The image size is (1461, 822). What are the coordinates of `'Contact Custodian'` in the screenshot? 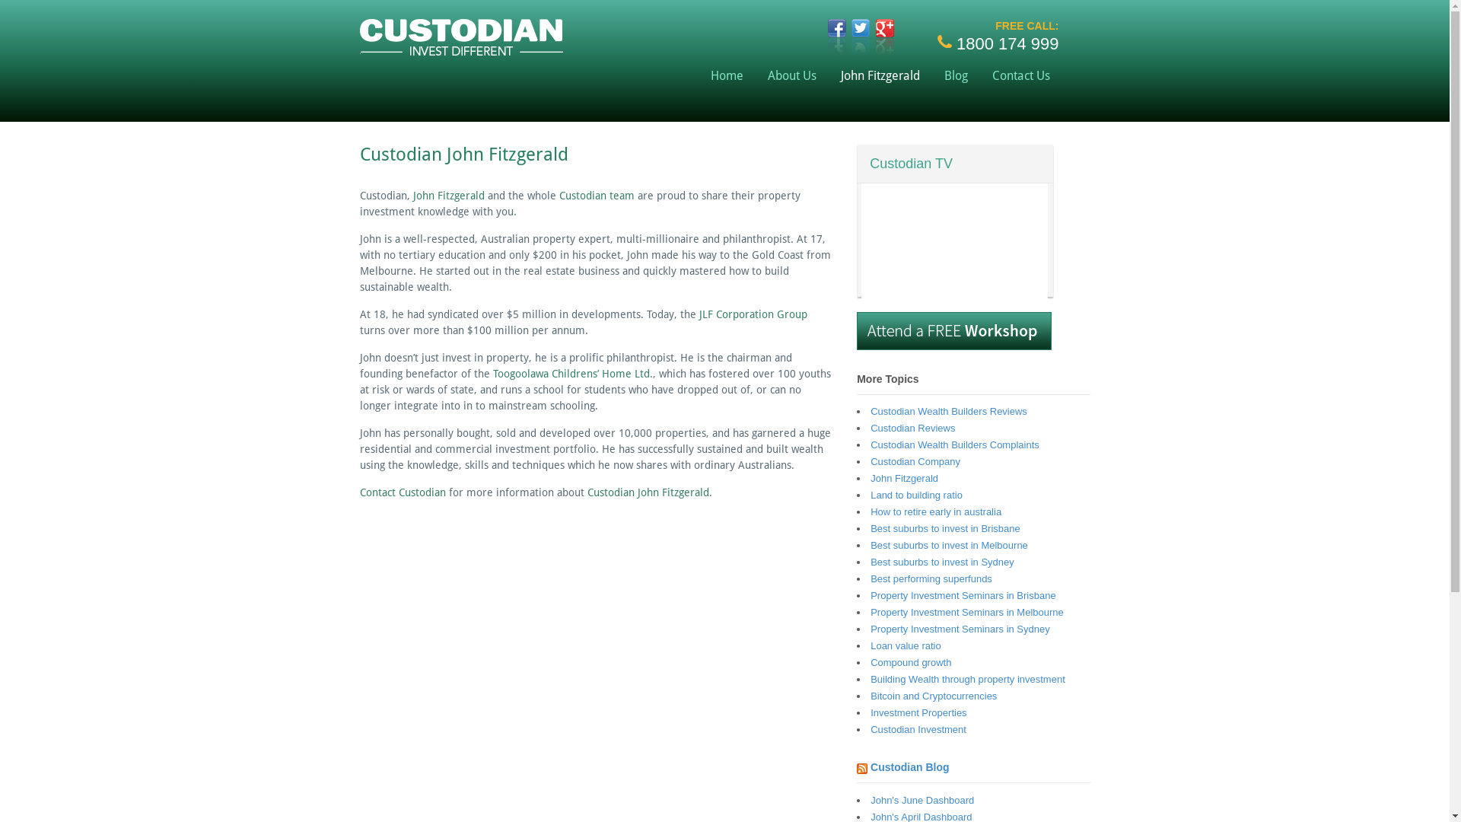 It's located at (402, 492).